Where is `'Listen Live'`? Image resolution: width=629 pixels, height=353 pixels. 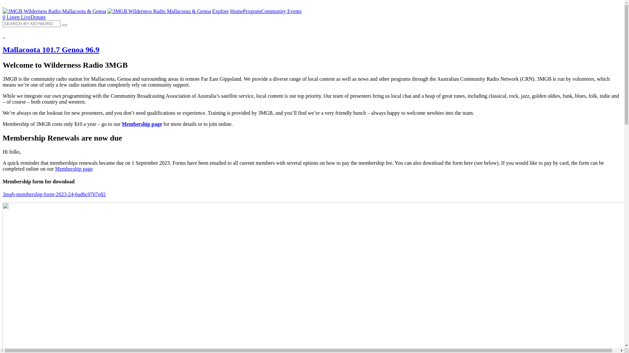
'Listen Live' is located at coordinates (18, 17).